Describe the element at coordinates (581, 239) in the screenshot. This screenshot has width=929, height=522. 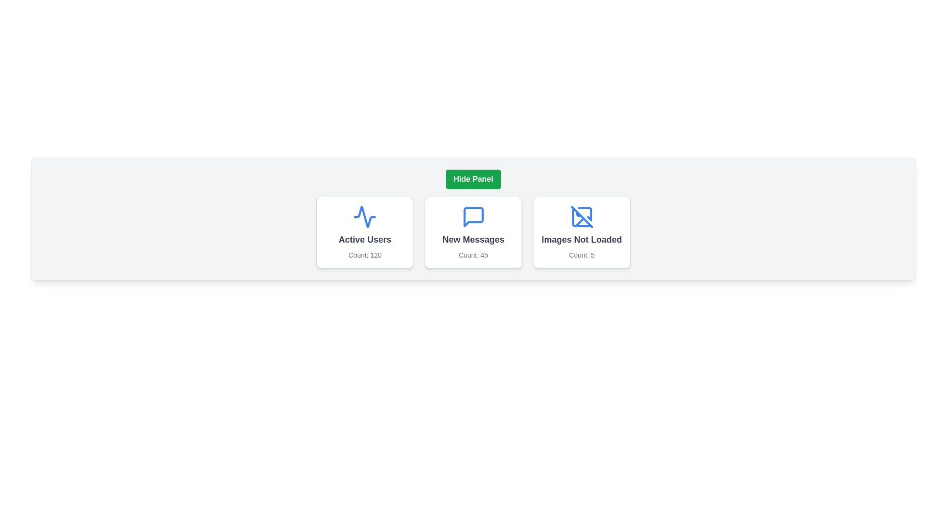
I see `the bold gray text label "Images Not Loaded" located beneath the icon for unloaded images within the rightmost card tile` at that location.